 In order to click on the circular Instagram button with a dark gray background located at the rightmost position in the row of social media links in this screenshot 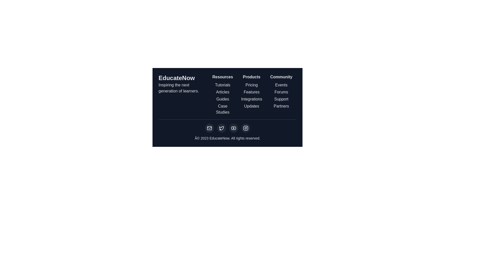, I will do `click(246, 128)`.